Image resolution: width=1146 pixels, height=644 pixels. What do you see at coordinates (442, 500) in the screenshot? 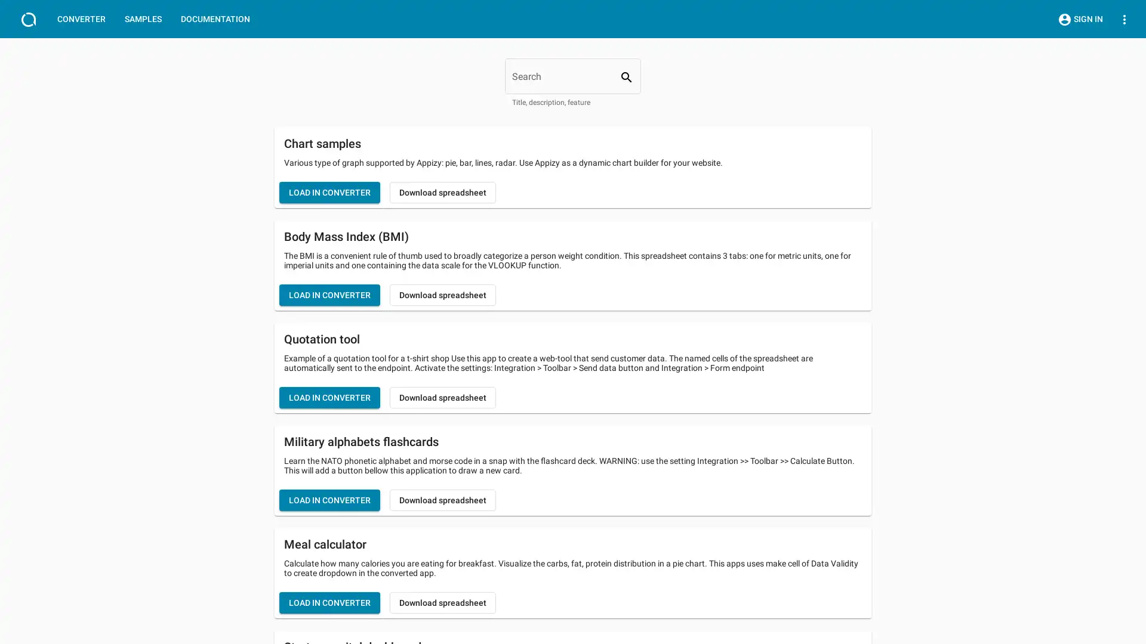
I see `Download spreadsheet` at bounding box center [442, 500].